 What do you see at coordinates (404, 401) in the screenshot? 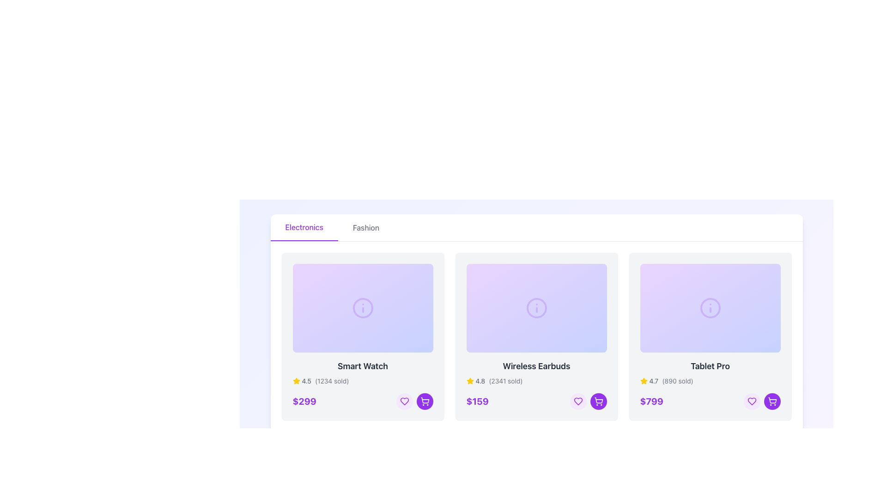
I see `the heart-shaped SVG icon outlined in purple, which is positioned within a circular button at the bottom-right corner of the 'Wireless Earbuds' card` at bounding box center [404, 401].